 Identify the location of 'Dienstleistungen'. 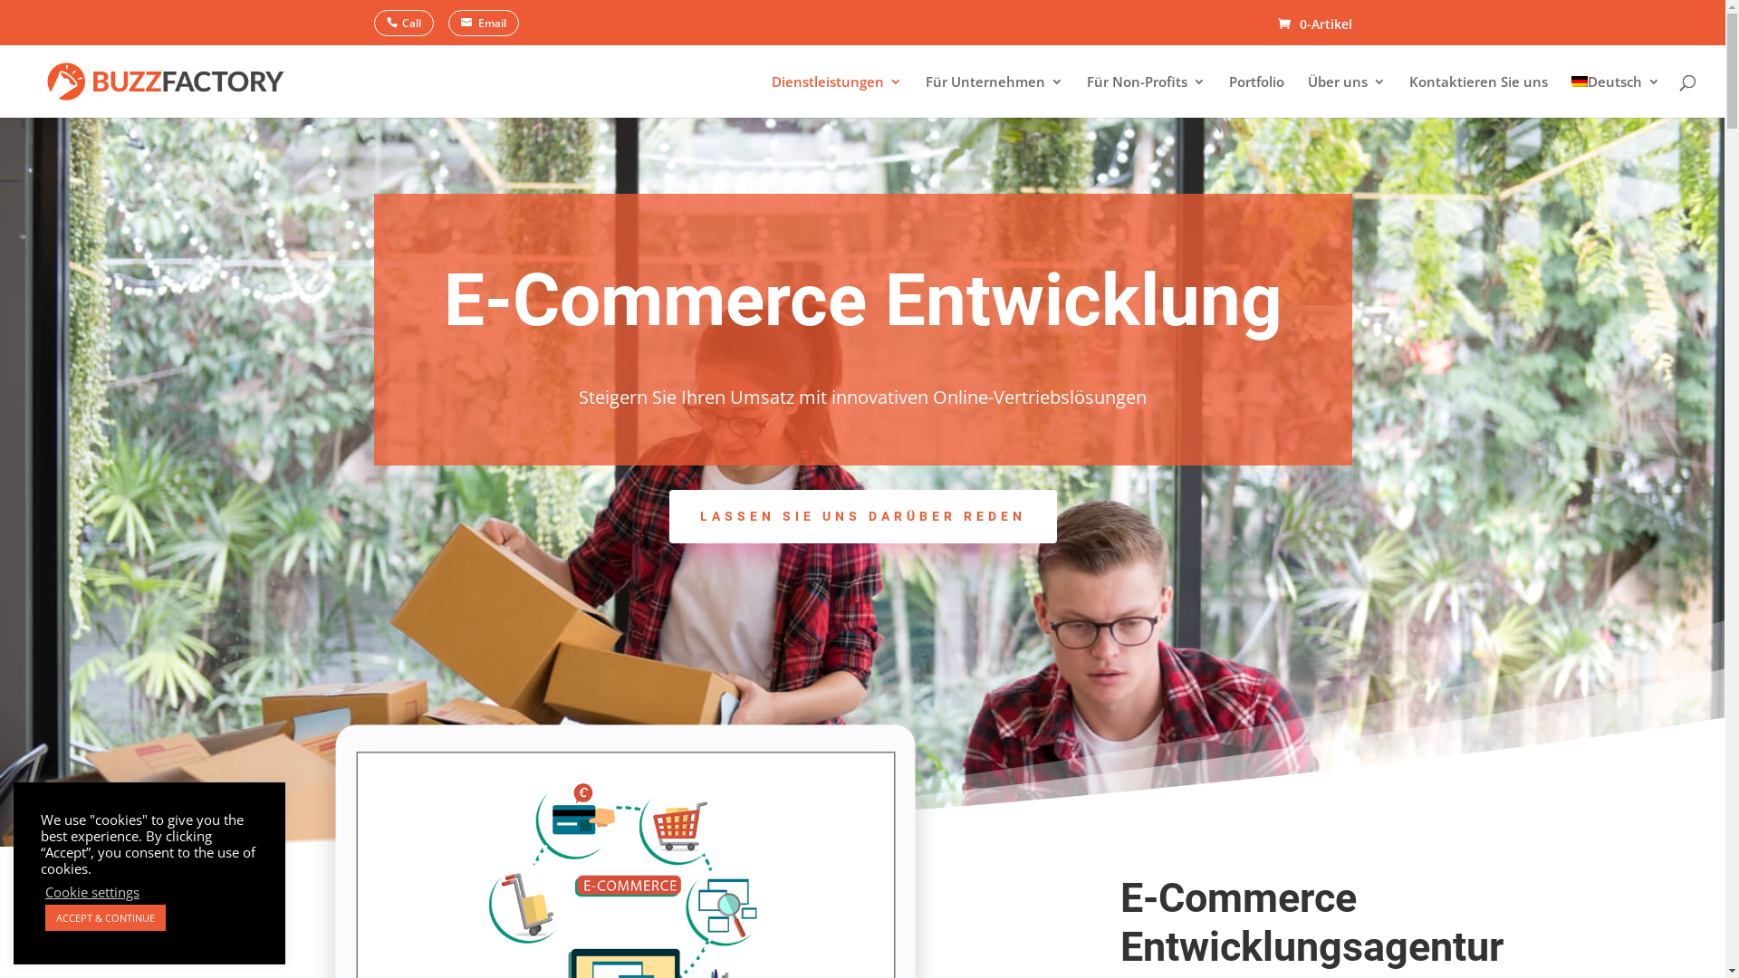
(836, 96).